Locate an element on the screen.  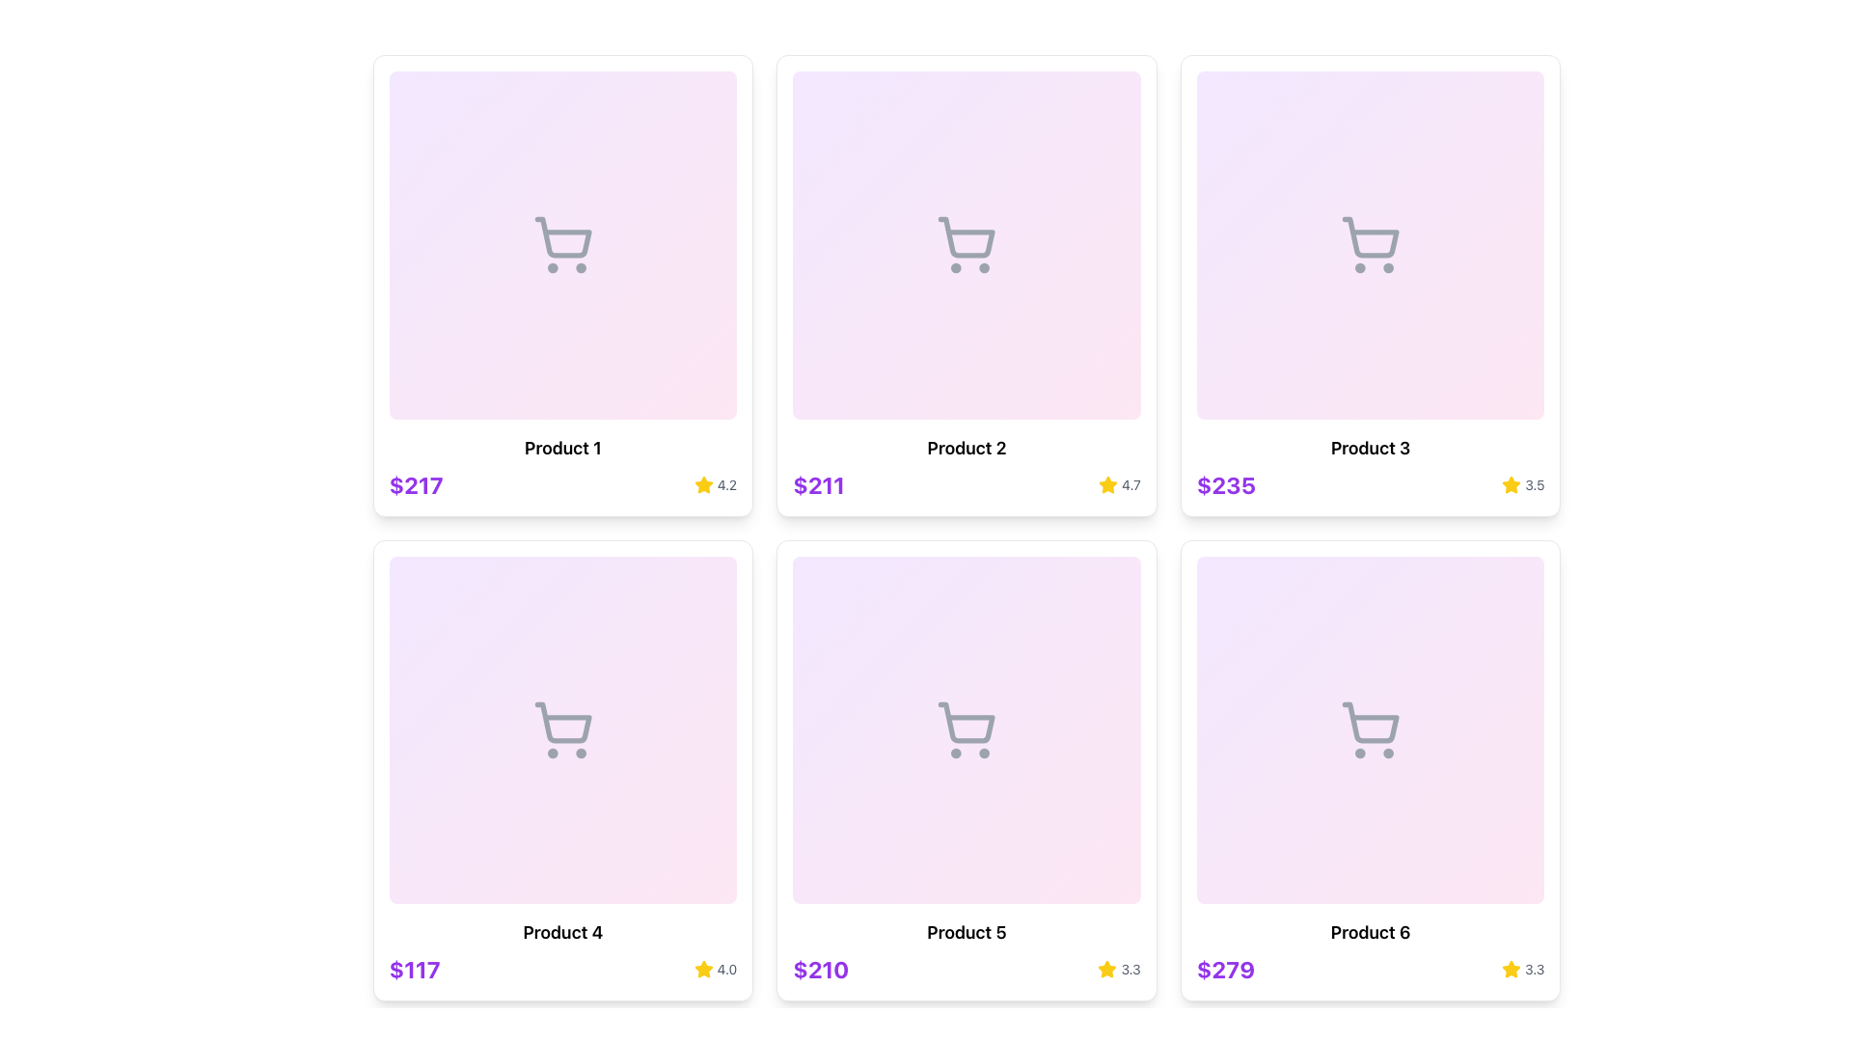
the product card located in the leftmost position of the second row is located at coordinates (561, 769).